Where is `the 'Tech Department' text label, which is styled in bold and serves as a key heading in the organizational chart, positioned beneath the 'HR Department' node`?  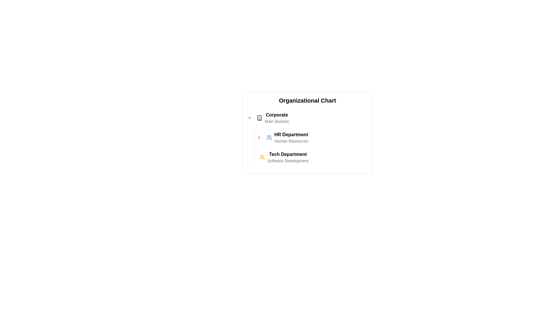 the 'Tech Department' text label, which is styled in bold and serves as a key heading in the organizational chart, positioned beneath the 'HR Department' node is located at coordinates (288, 154).